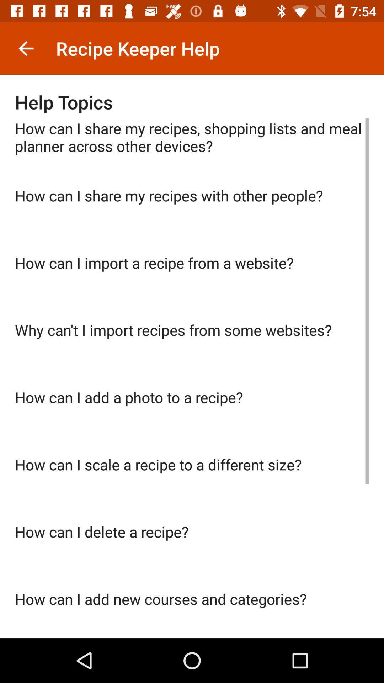  Describe the element at coordinates (192, 353) in the screenshot. I see `item below the how can i icon` at that location.